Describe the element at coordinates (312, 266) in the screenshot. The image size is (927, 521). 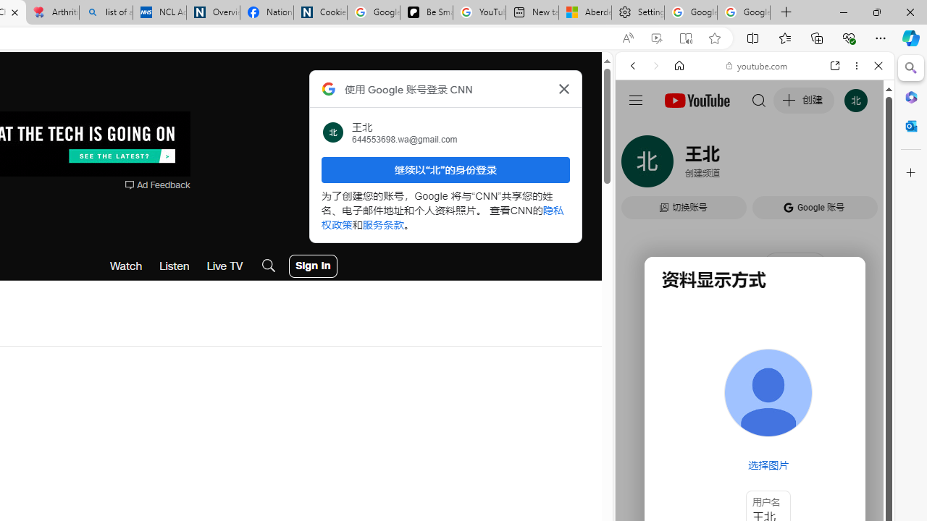
I see `'User Account Log In Button'` at that location.